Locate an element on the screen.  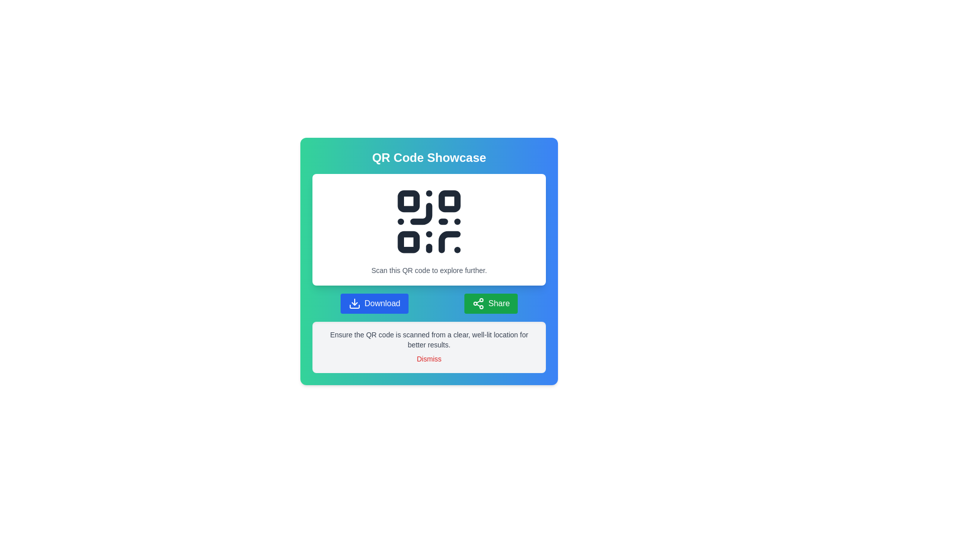
the second square in the top row of the QR code, which is a small black square with rounded corners positioned to the right of the first square is located at coordinates (449, 201).